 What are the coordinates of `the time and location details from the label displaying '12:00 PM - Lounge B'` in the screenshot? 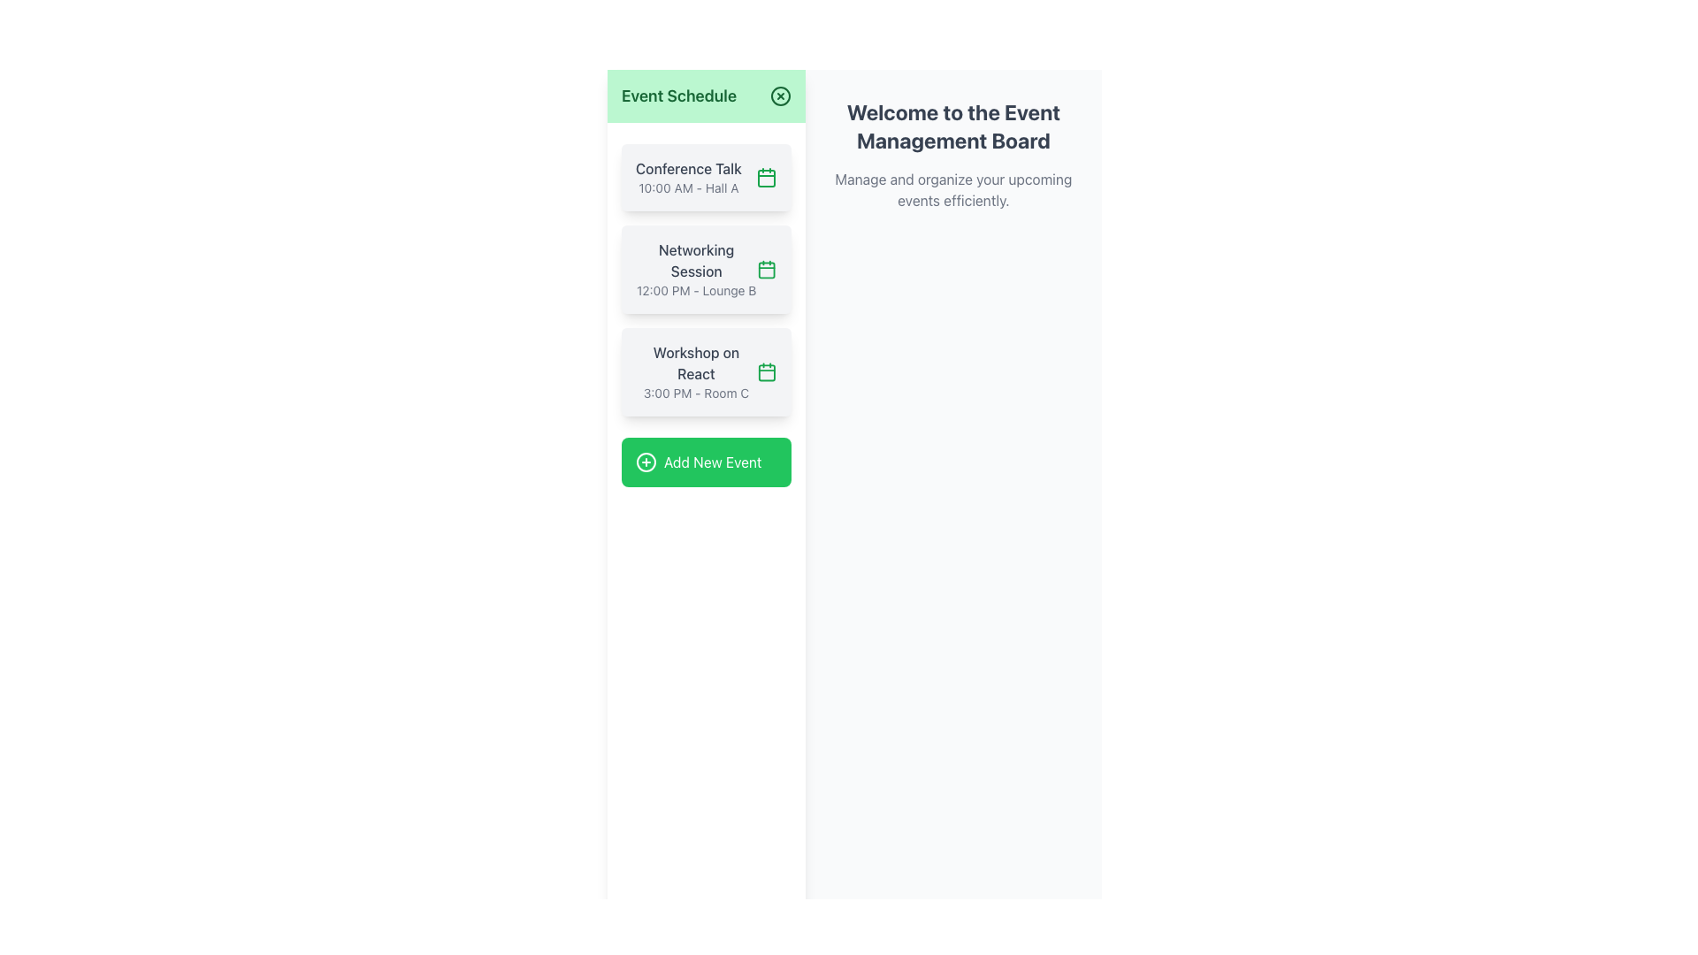 It's located at (695, 289).